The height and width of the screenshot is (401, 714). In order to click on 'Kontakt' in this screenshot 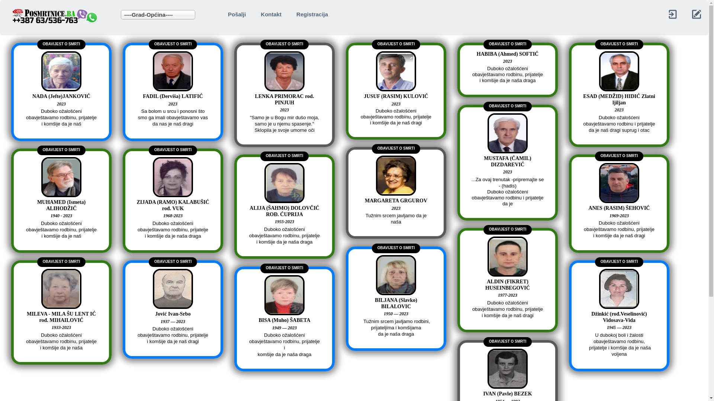, I will do `click(271, 14)`.